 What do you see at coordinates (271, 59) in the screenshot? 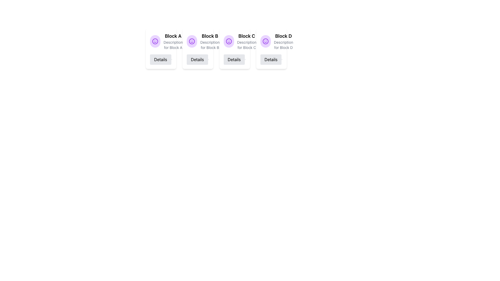
I see `the 'Details' button located under the title 'Block D', which is a rectangular button with rounded corners and a light gray background` at bounding box center [271, 59].